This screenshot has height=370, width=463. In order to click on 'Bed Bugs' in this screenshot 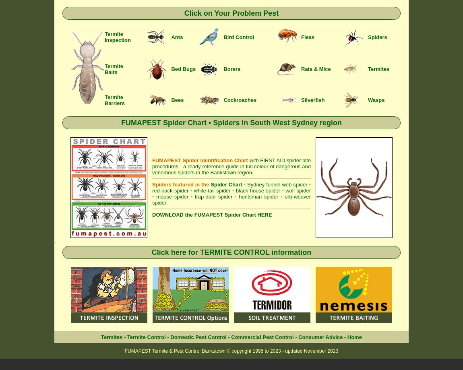, I will do `click(183, 68)`.